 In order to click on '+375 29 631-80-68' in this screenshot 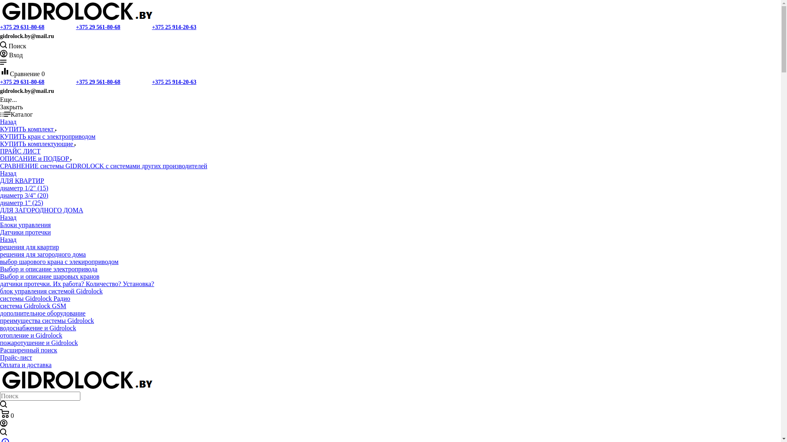, I will do `click(22, 27)`.